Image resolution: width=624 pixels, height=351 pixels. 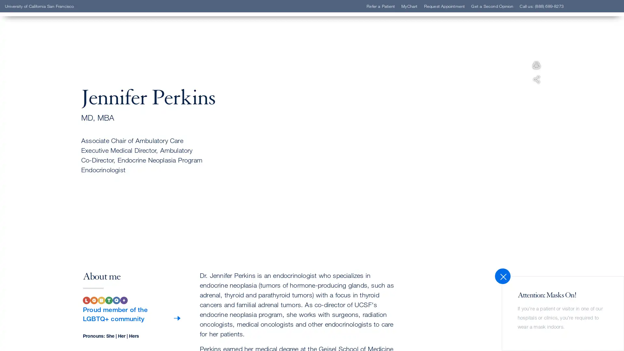 I want to click on search, so click(x=392, y=43).